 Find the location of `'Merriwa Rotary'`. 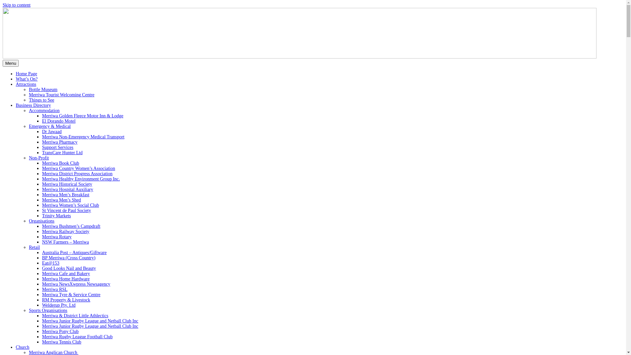

'Merriwa Rotary' is located at coordinates (42, 237).